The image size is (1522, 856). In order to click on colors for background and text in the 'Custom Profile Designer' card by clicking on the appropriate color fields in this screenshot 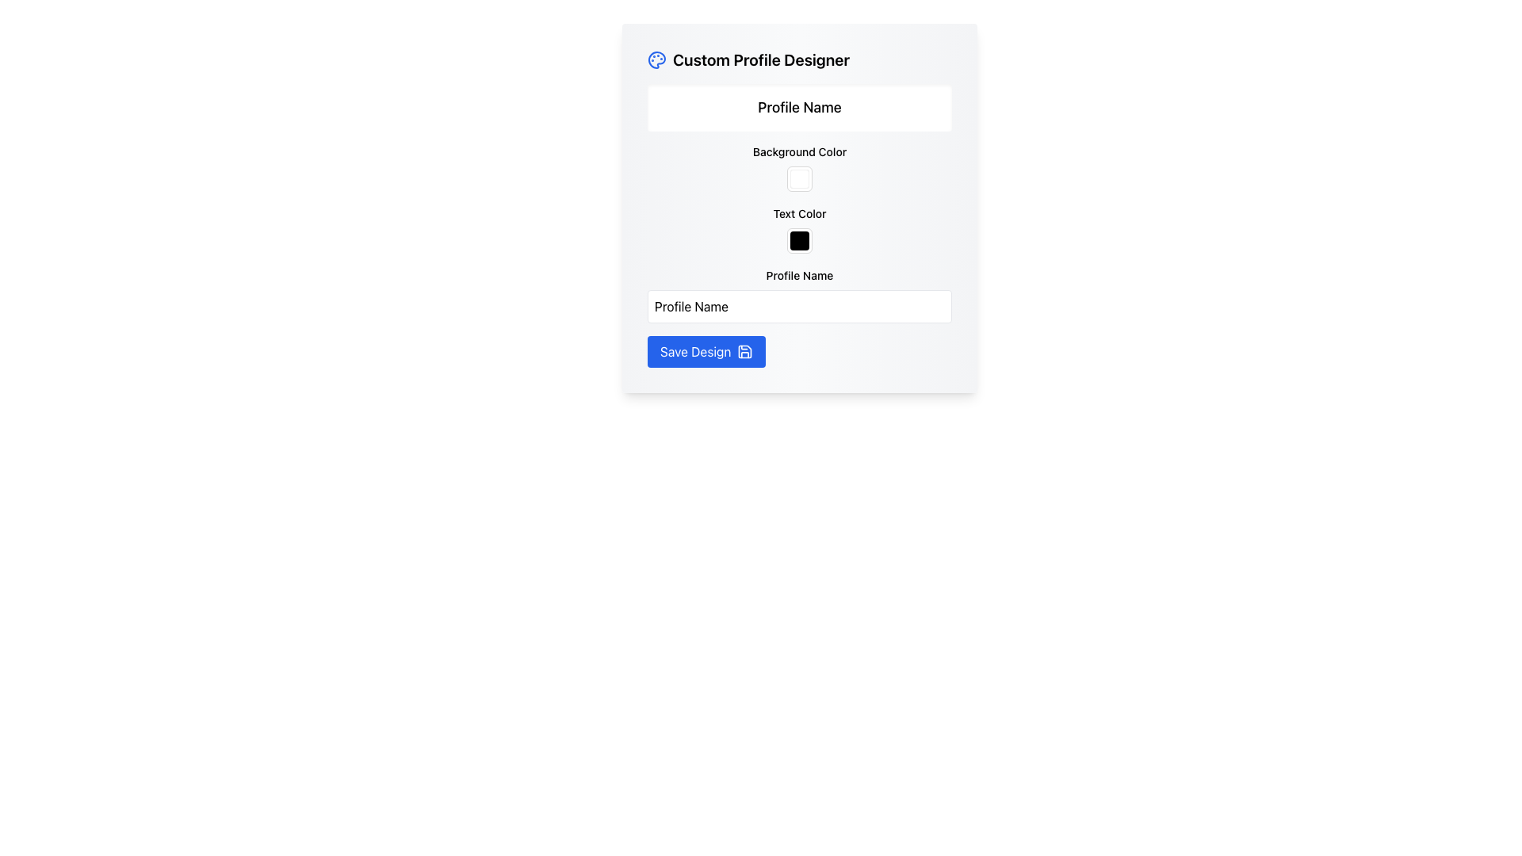, I will do `click(799, 207)`.